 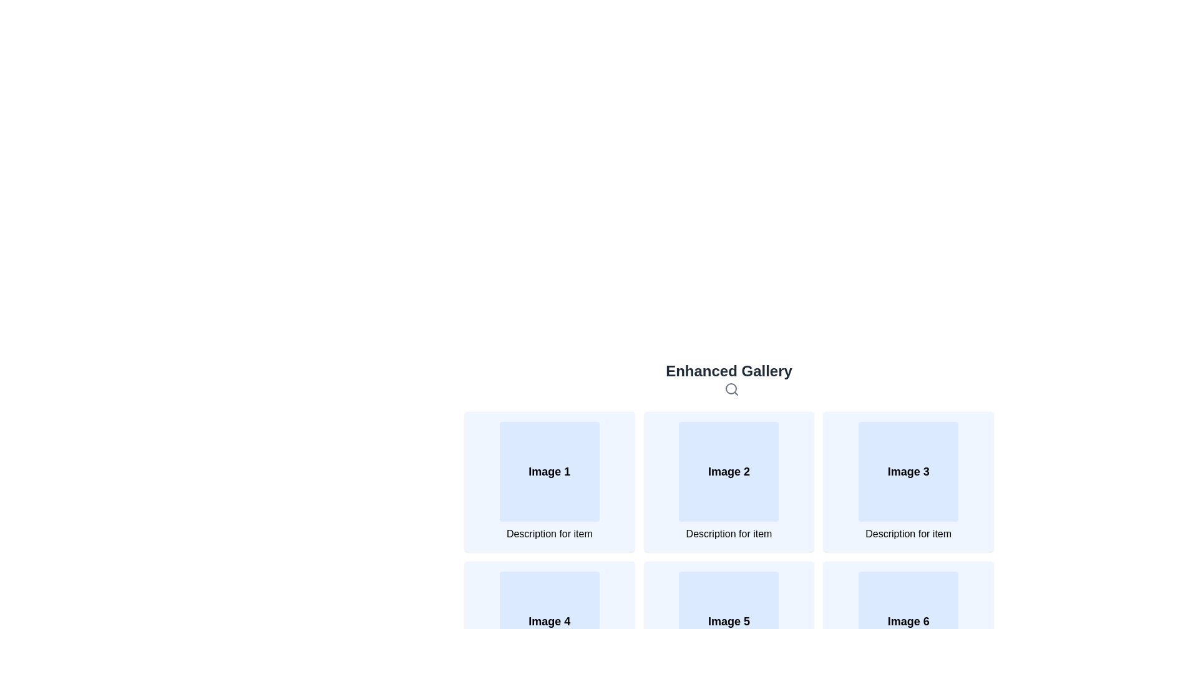 I want to click on the bold text label reading 'Image 4' that is displayed in a larger font size and black color, located at the center of a light blue rectangular card in the second row of a grid layout, so click(x=549, y=621).